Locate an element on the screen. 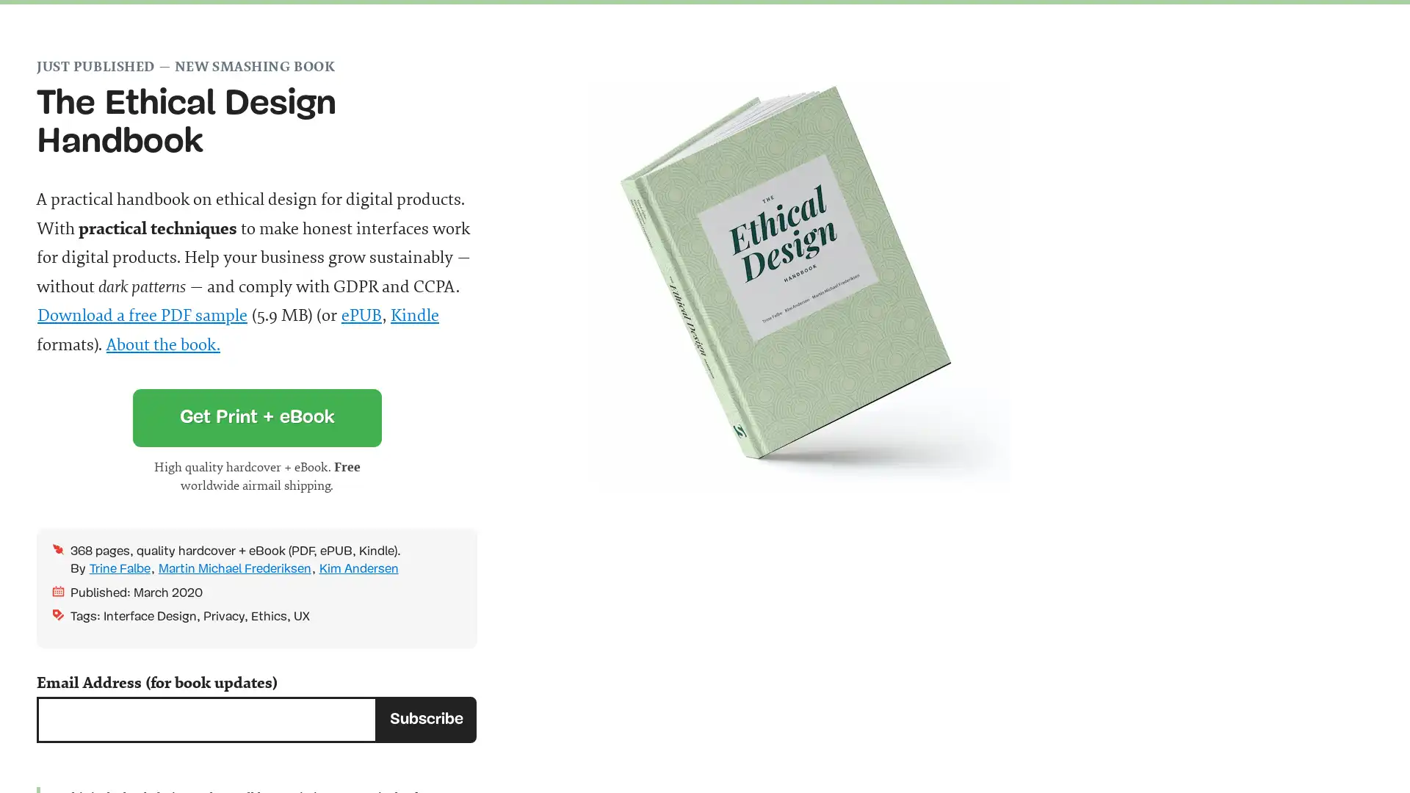 Image resolution: width=1410 pixels, height=793 pixels. Subscribe is located at coordinates (425, 719).